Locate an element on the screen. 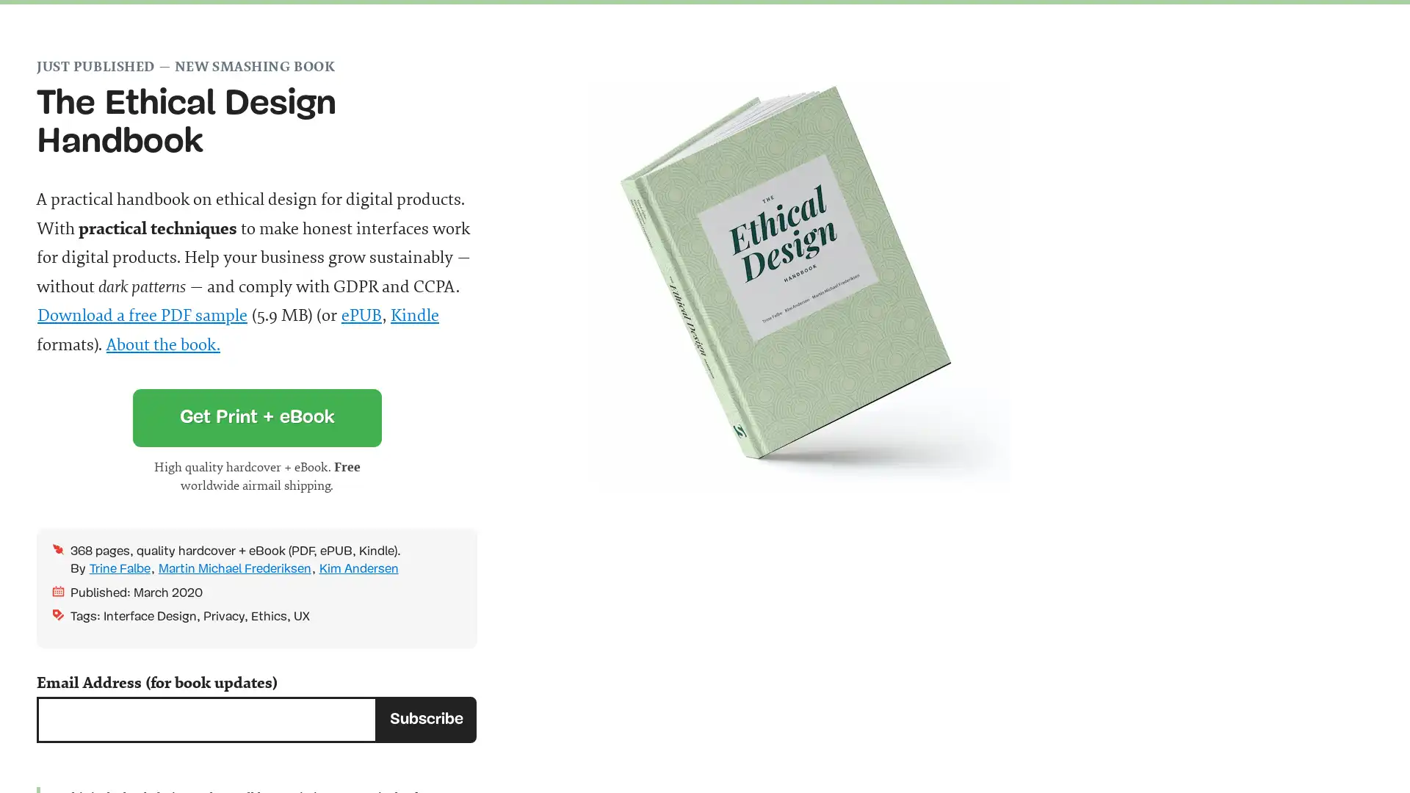 Image resolution: width=1410 pixels, height=793 pixels. Subscribe is located at coordinates (425, 719).